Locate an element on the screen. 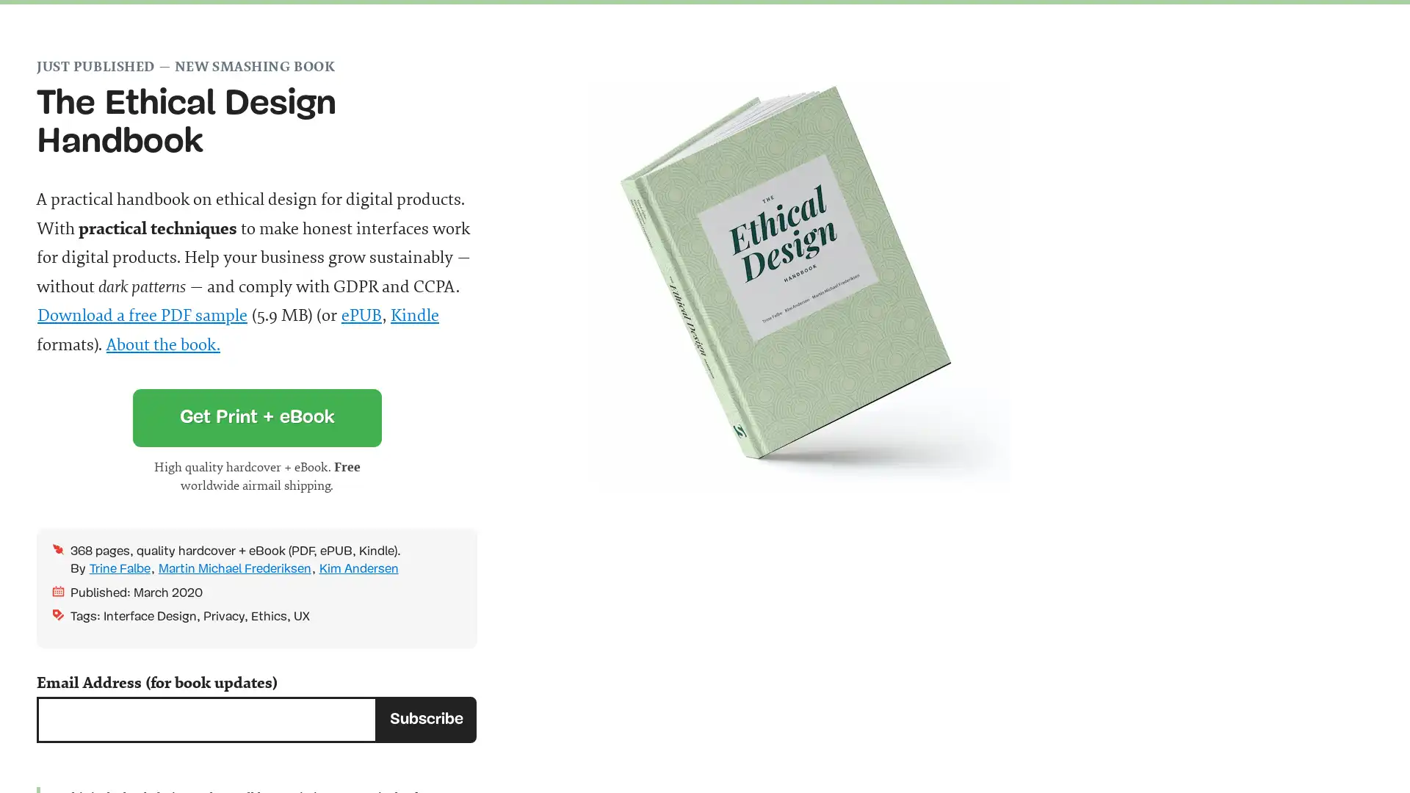 Image resolution: width=1410 pixels, height=793 pixels. Subscribe is located at coordinates (425, 719).